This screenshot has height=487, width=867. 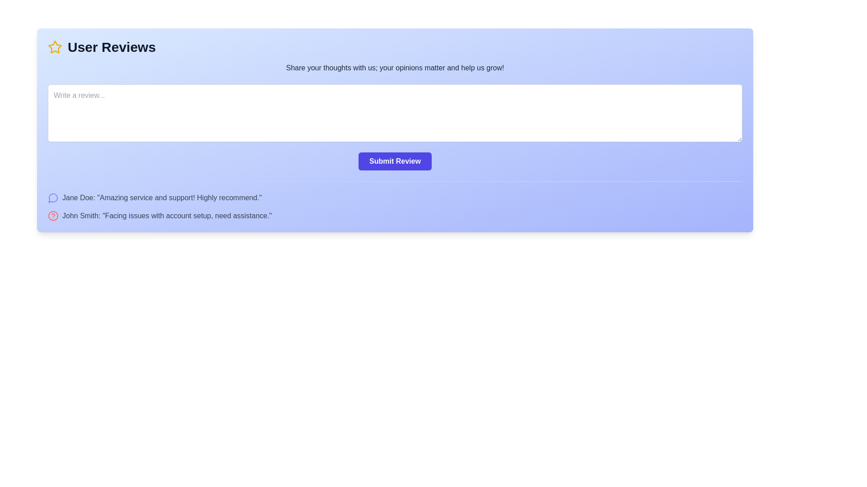 What do you see at coordinates (52, 198) in the screenshot?
I see `the vector graphic icon next to the user review by 'John Smith' in the review section, which visually represents an interactive component related to user feedback` at bounding box center [52, 198].